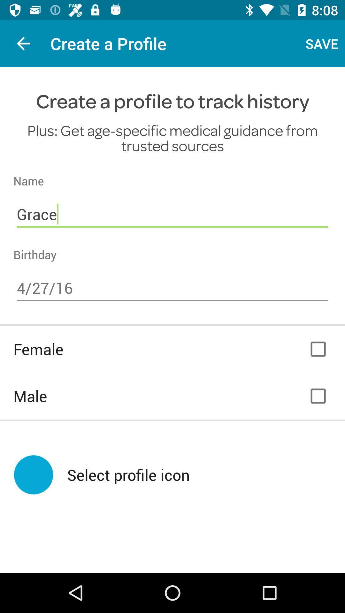 This screenshot has height=613, width=345. I want to click on the gender female, so click(318, 349).